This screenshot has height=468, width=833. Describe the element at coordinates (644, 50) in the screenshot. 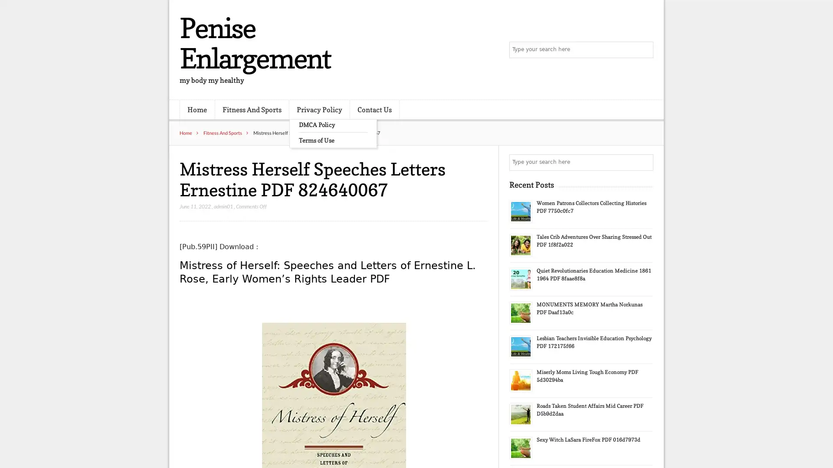

I see `Search` at that location.